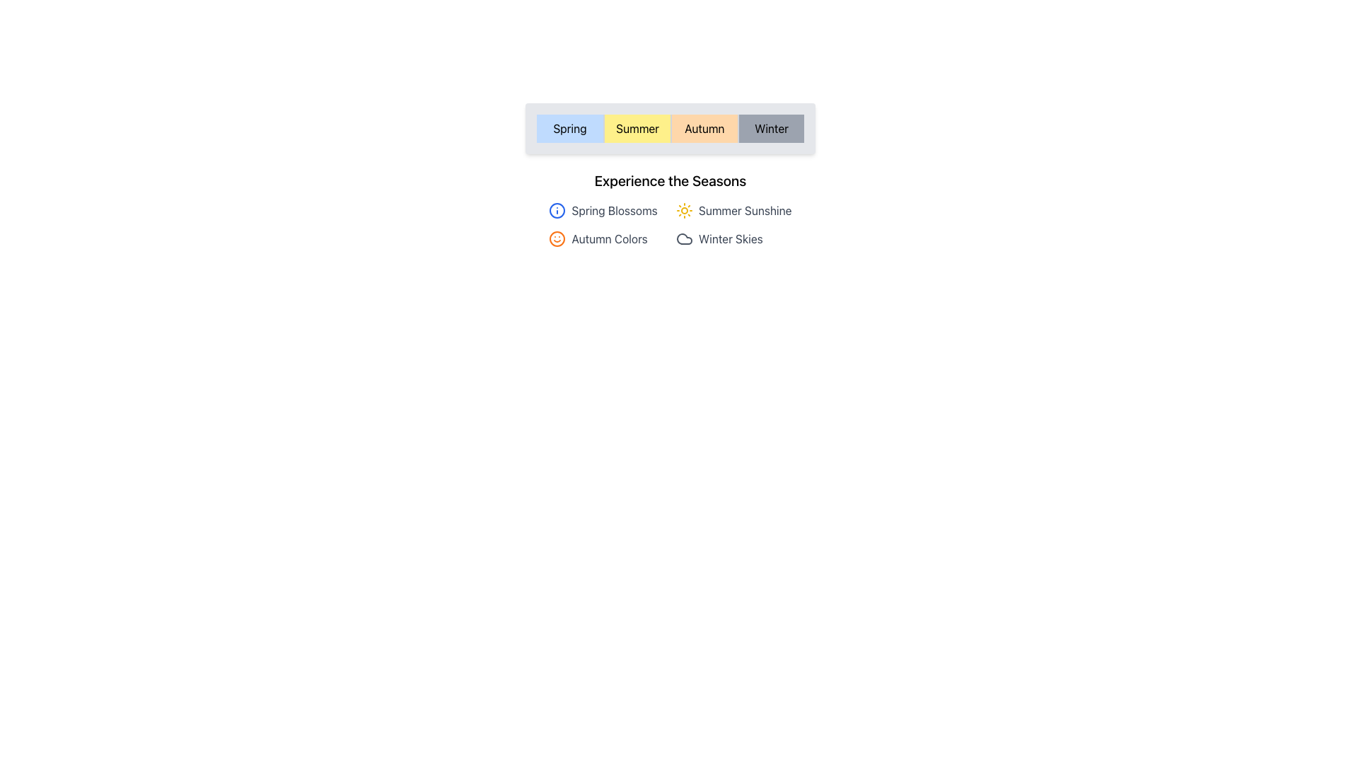 This screenshot has width=1358, height=764. What do you see at coordinates (557, 210) in the screenshot?
I see `the Icon that visually represents information related to the 'Spring Blossoms' label, positioned to the left of the text in a grid layout under 'Experience the Seasons'` at bounding box center [557, 210].